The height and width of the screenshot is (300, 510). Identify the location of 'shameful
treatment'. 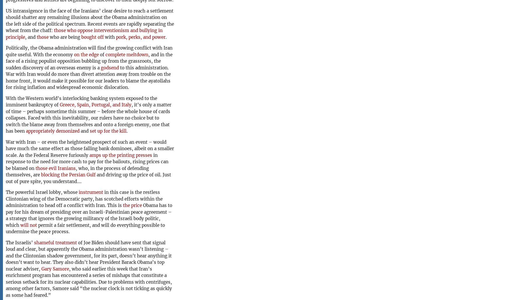
(55, 242).